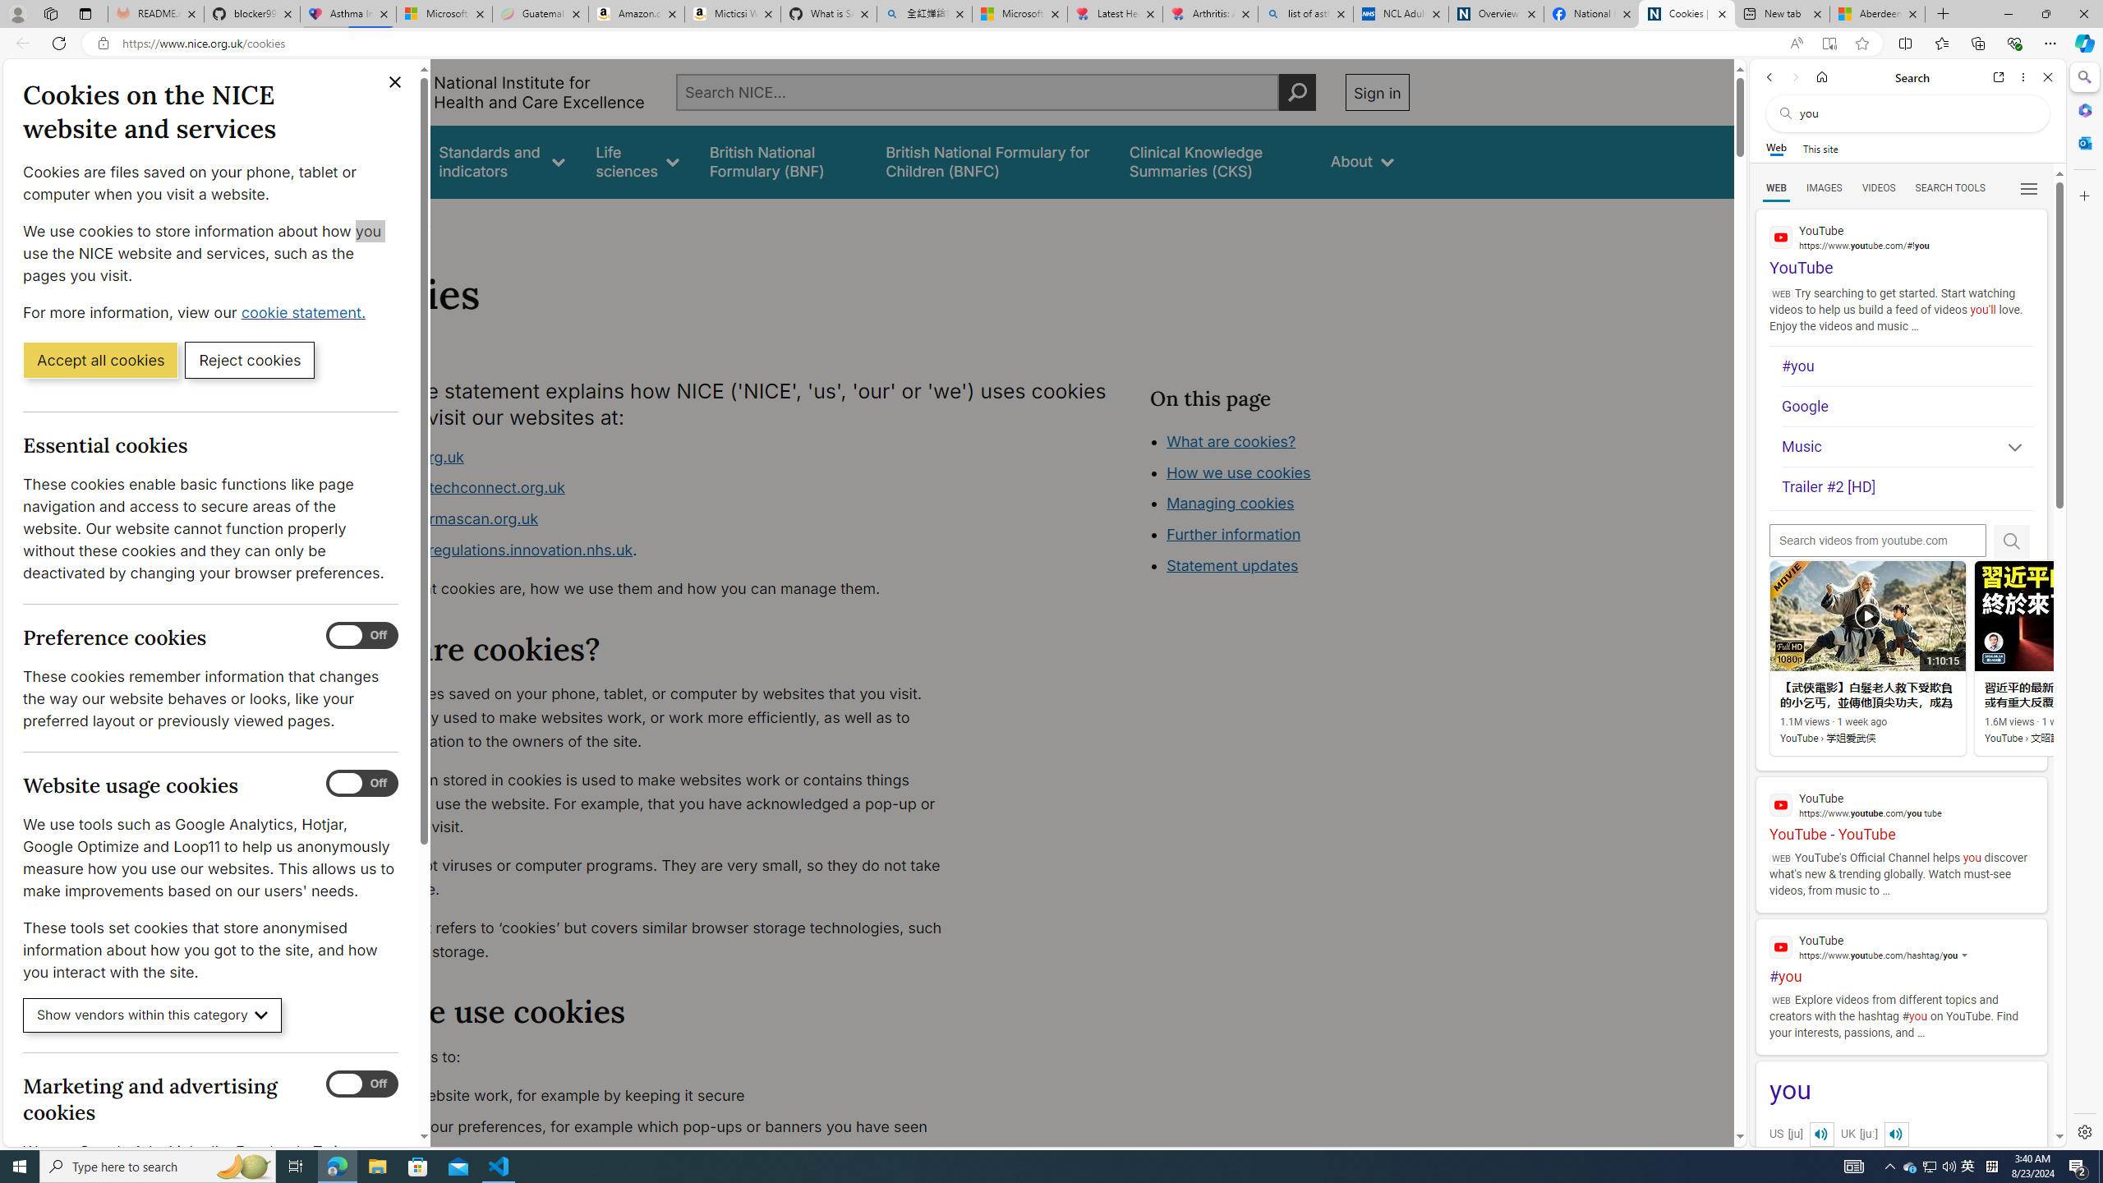 Image resolution: width=2103 pixels, height=1183 pixels. What do you see at coordinates (1776, 186) in the screenshot?
I see `'Search Filter, WEB'` at bounding box center [1776, 186].